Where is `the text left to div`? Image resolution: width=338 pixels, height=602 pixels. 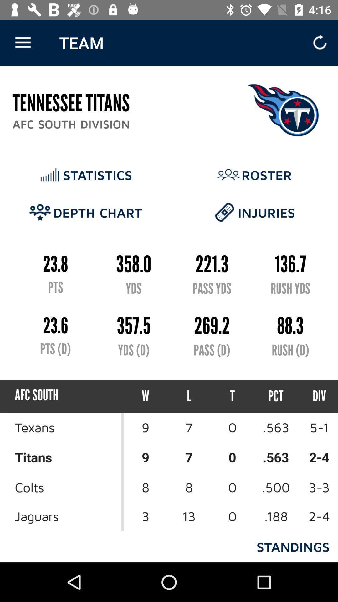 the text left to div is located at coordinates (275, 396).